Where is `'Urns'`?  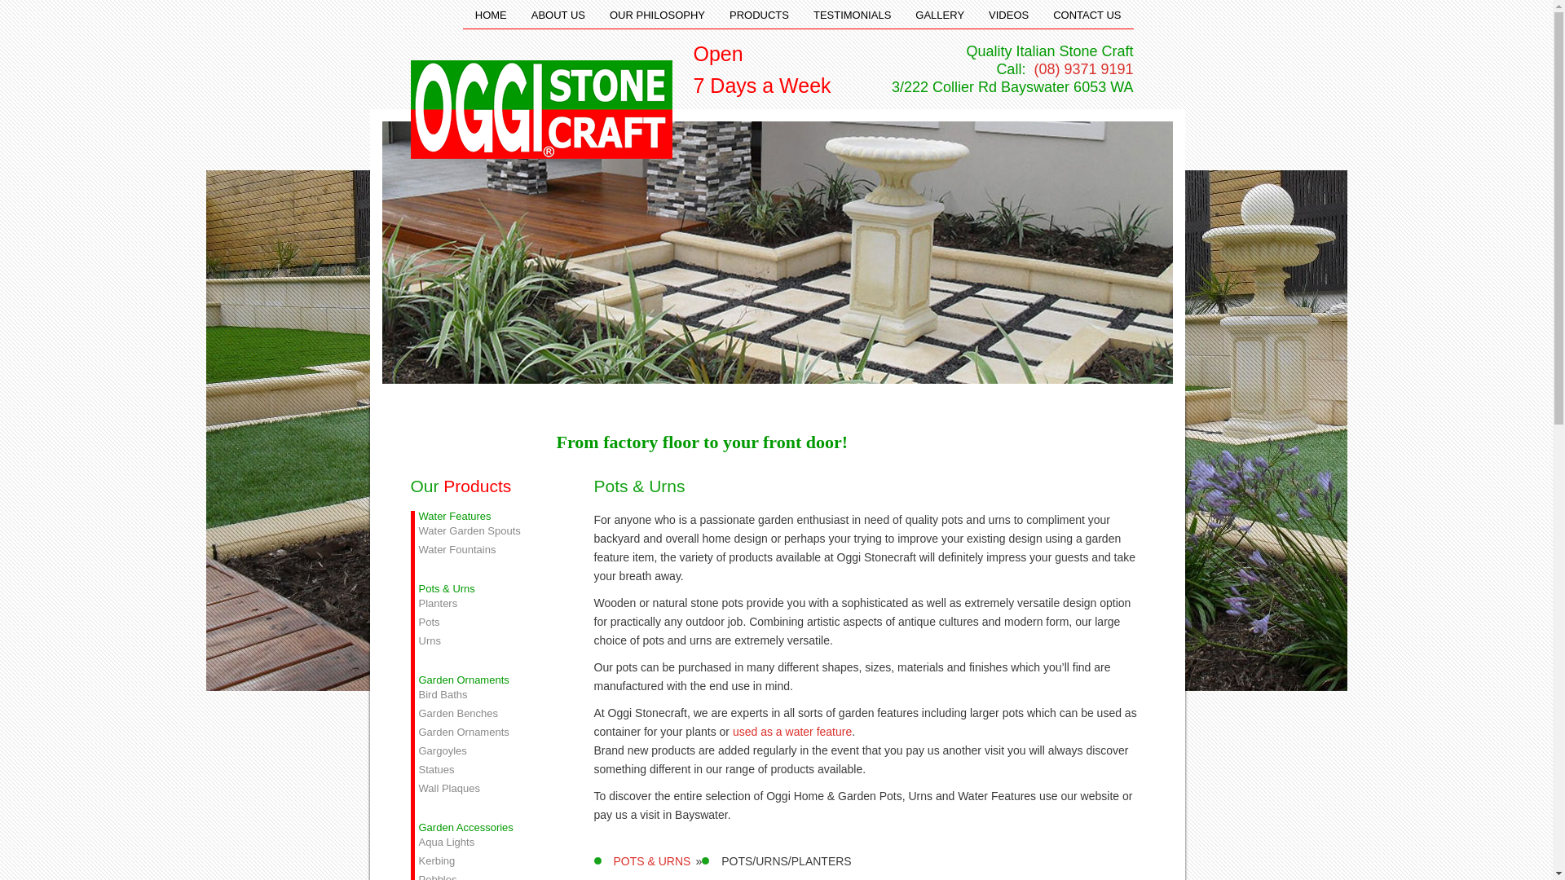
'Urns' is located at coordinates (485, 640).